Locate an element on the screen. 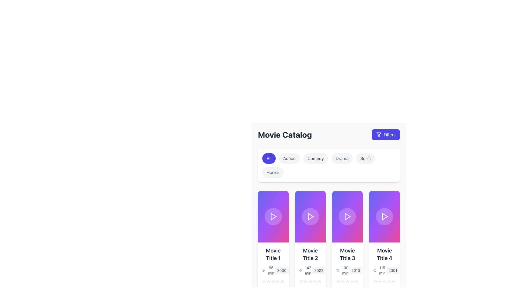  the label displaying '115 min' with a clock icon, located below 'Movie Title 4' in the fourth movie card on the far right is located at coordinates (380, 270).